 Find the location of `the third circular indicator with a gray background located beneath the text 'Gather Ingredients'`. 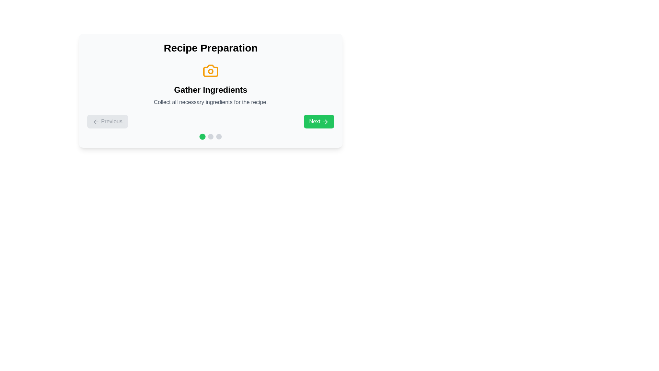

the third circular indicator with a gray background located beneath the text 'Gather Ingredients' is located at coordinates (219, 136).